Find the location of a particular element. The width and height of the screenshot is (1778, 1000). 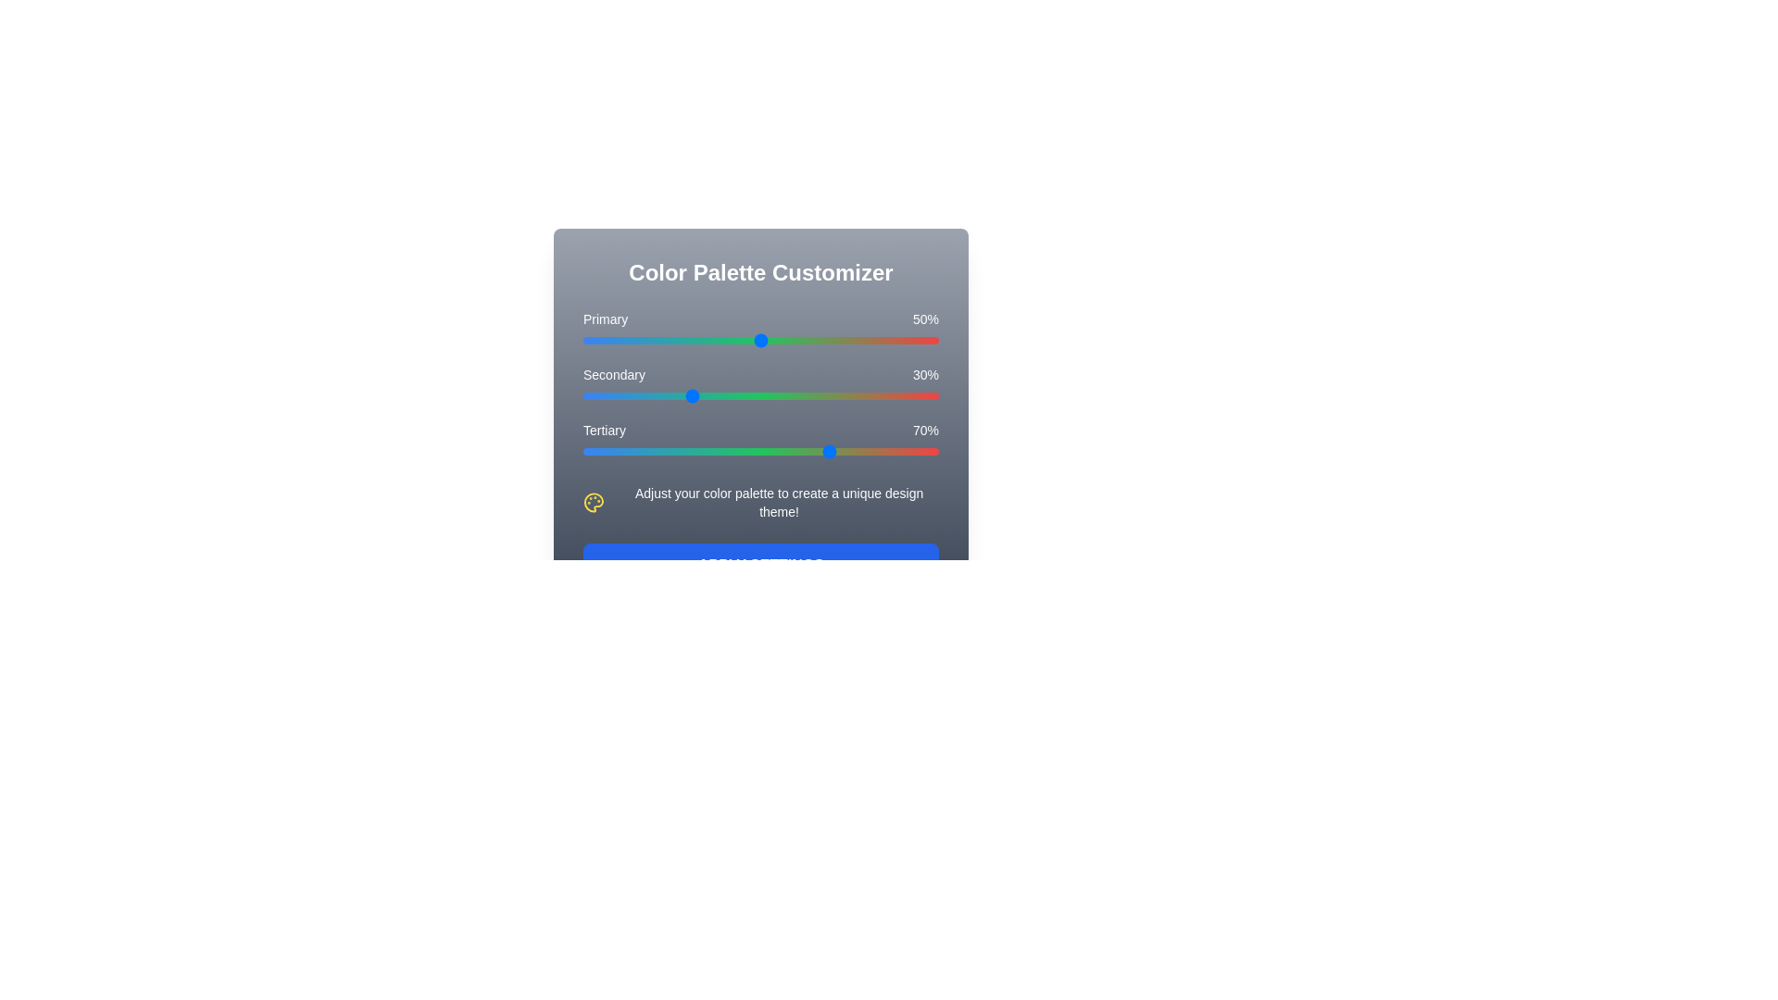

the tertiary slider is located at coordinates (622, 452).